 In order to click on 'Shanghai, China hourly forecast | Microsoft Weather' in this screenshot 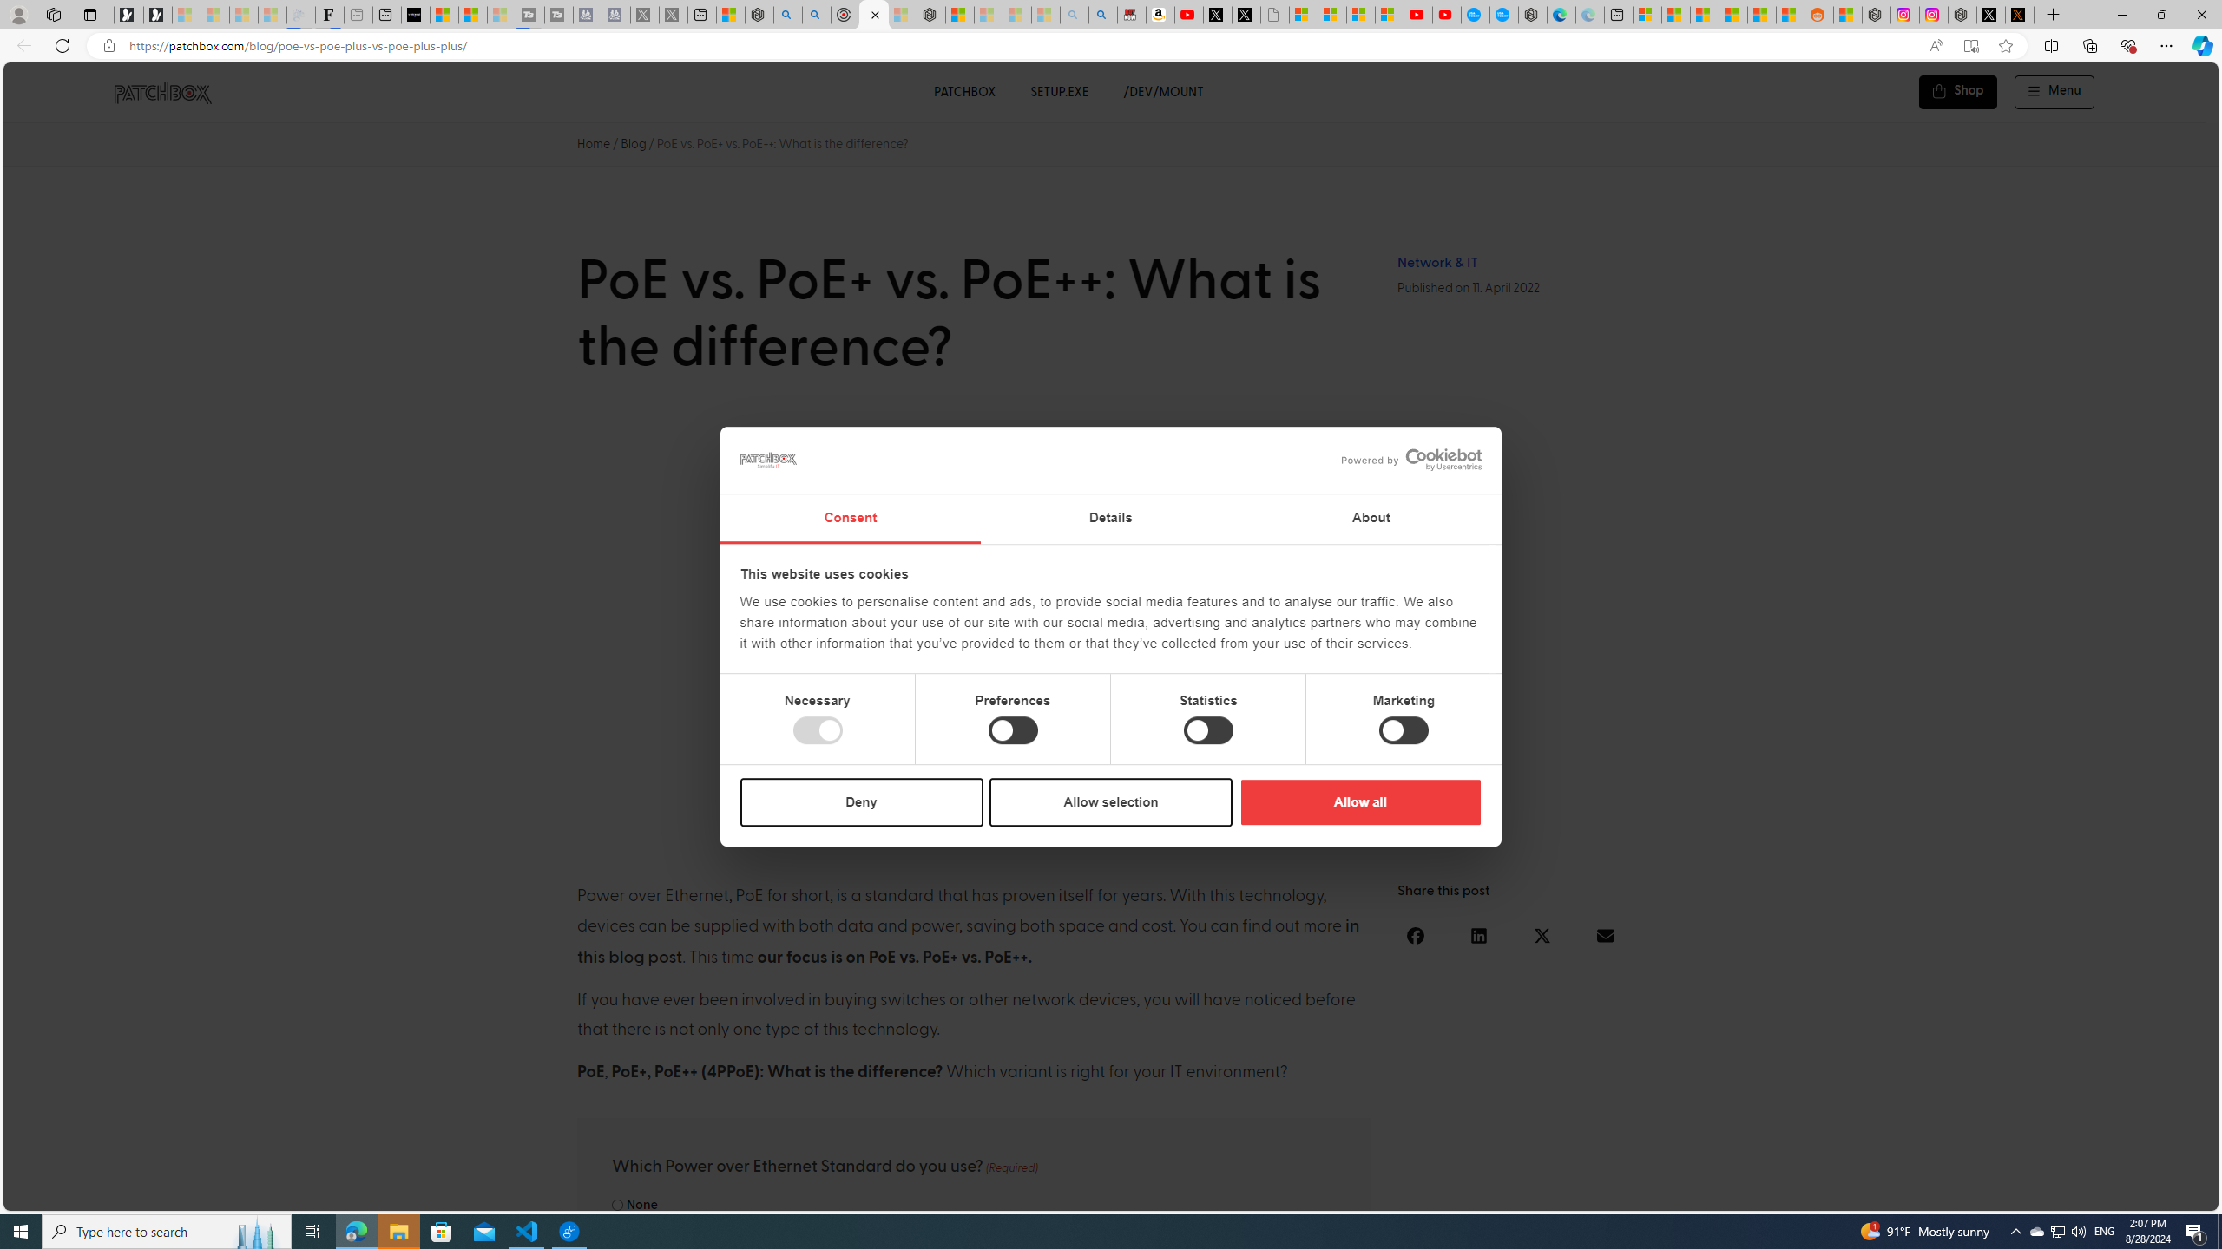, I will do `click(1703, 14)`.